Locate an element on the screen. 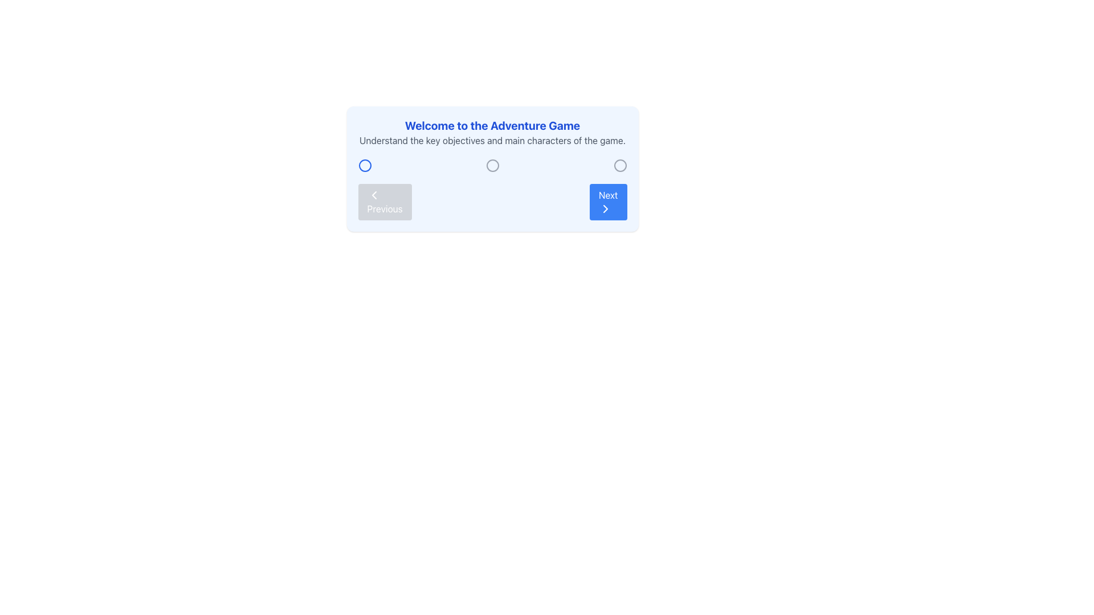 The width and height of the screenshot is (1094, 615). the third radio button in the horizontal arrangement is located at coordinates (619, 165).